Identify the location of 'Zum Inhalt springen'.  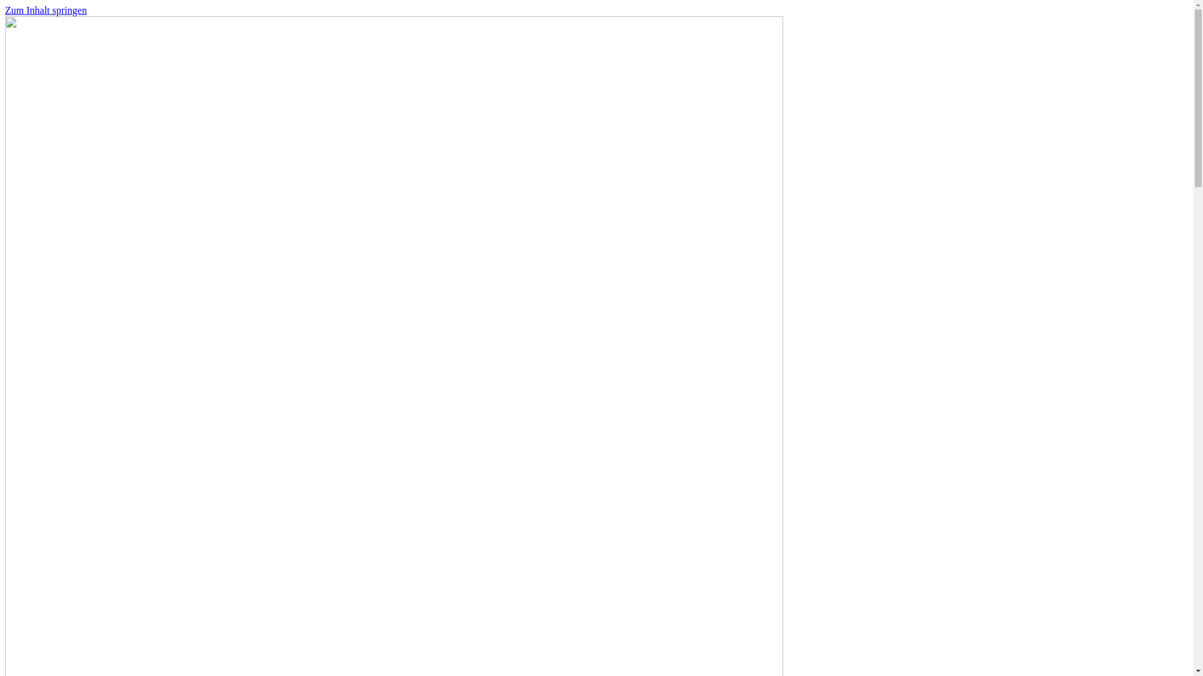
(46, 10).